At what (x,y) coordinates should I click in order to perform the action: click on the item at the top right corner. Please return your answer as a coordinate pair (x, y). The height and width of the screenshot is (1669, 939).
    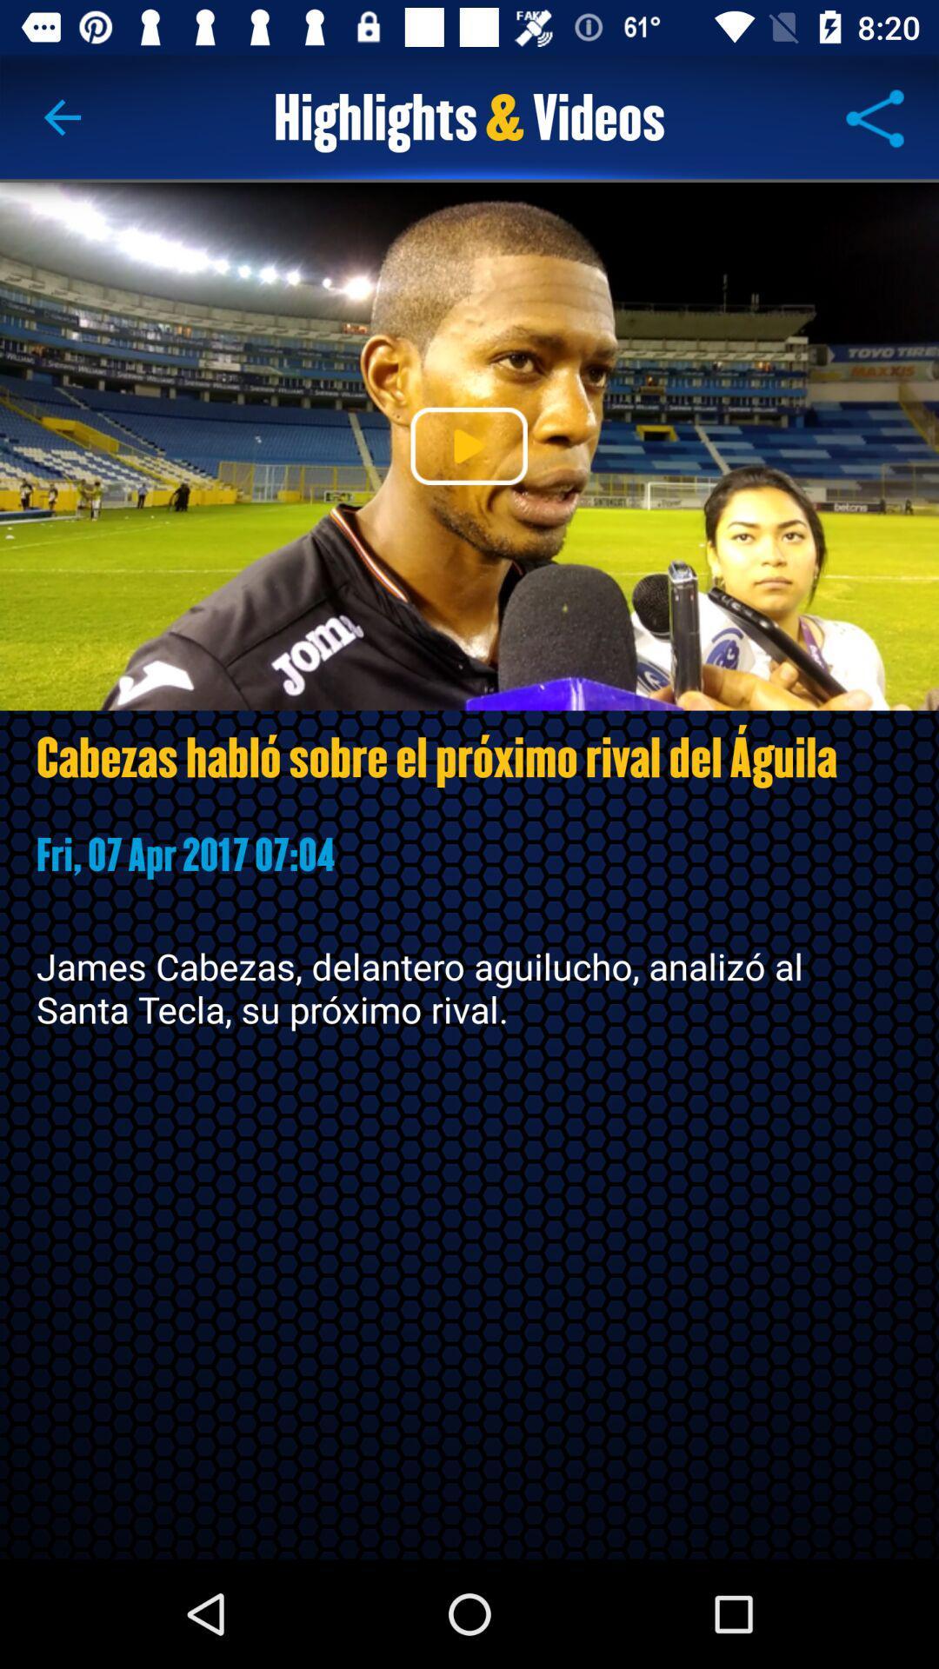
    Looking at the image, I should click on (875, 117).